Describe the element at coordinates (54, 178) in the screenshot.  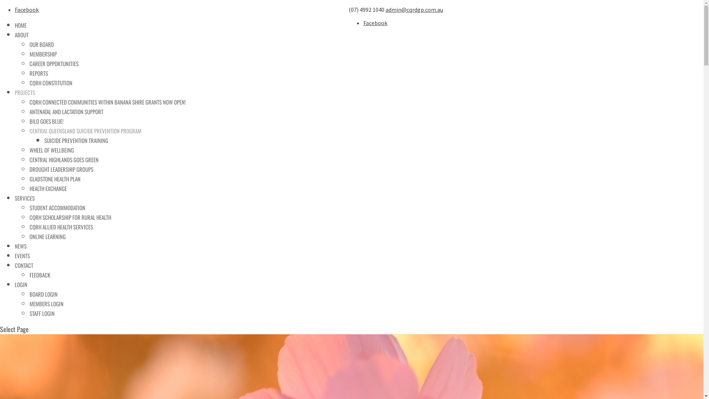
I see `'GLADSTONE HEALTH PLAN'` at that location.